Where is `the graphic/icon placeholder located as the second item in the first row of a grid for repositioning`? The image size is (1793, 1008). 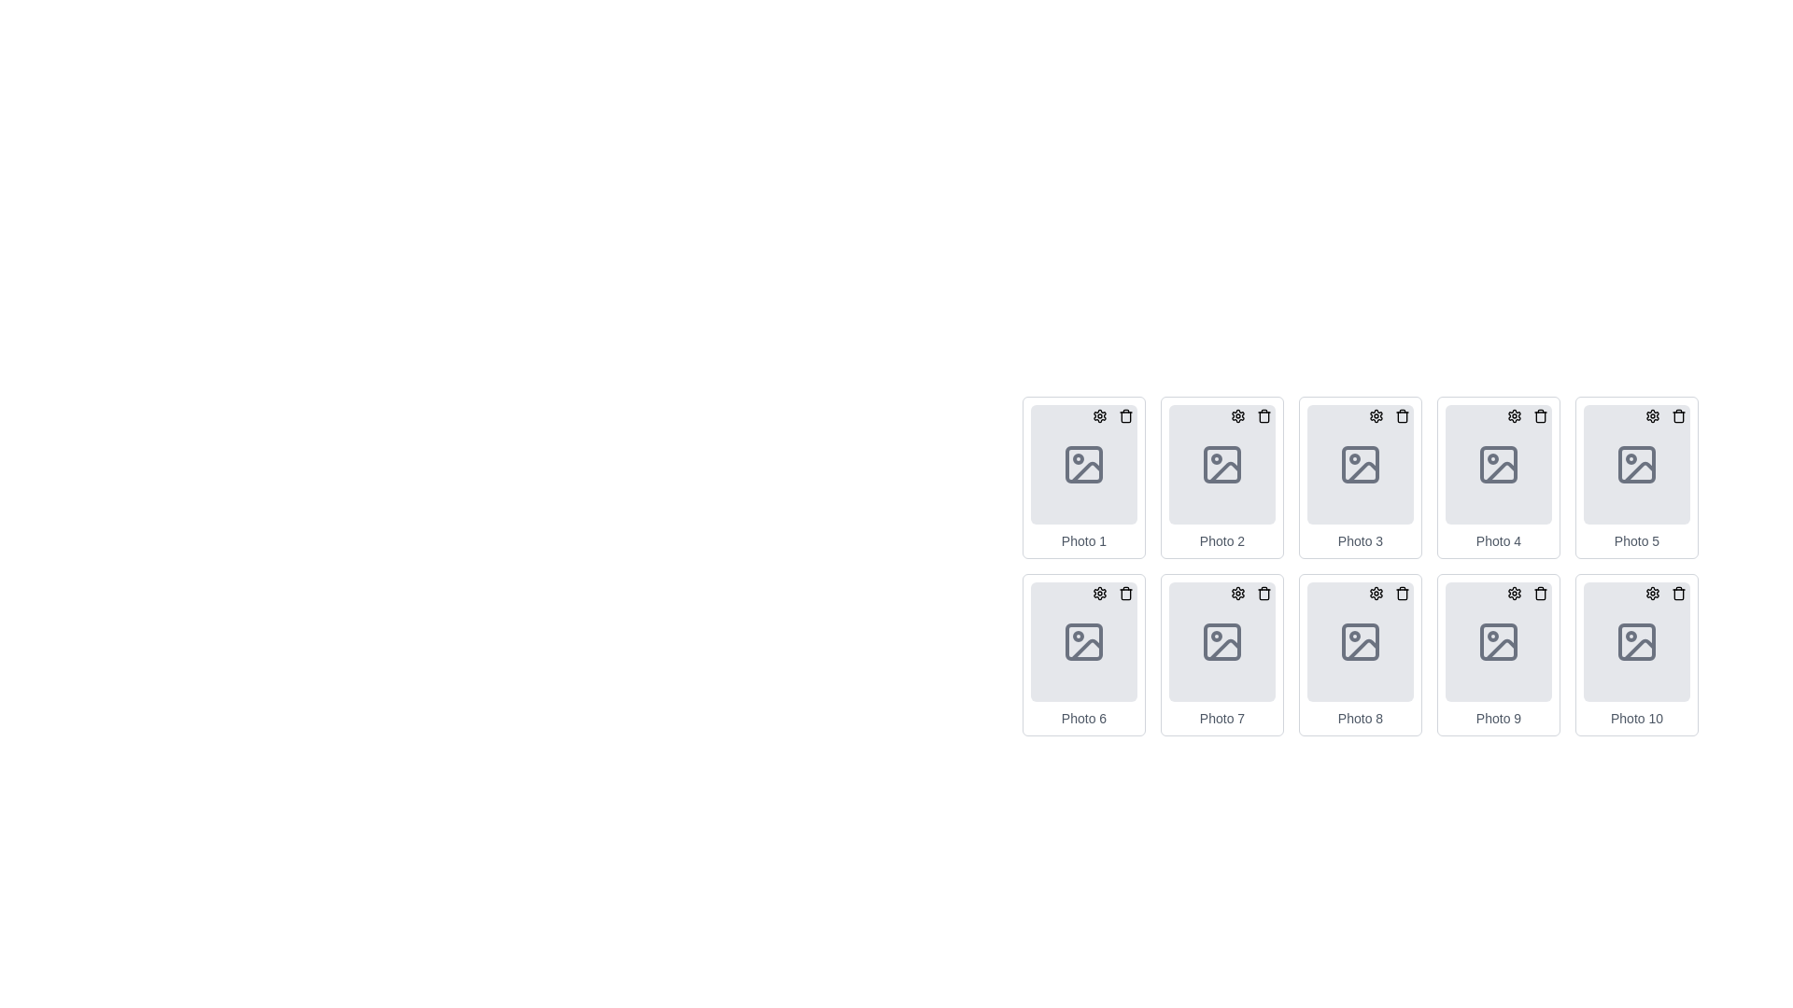
the graphic/icon placeholder located as the second item in the first row of a grid for repositioning is located at coordinates (1222, 463).